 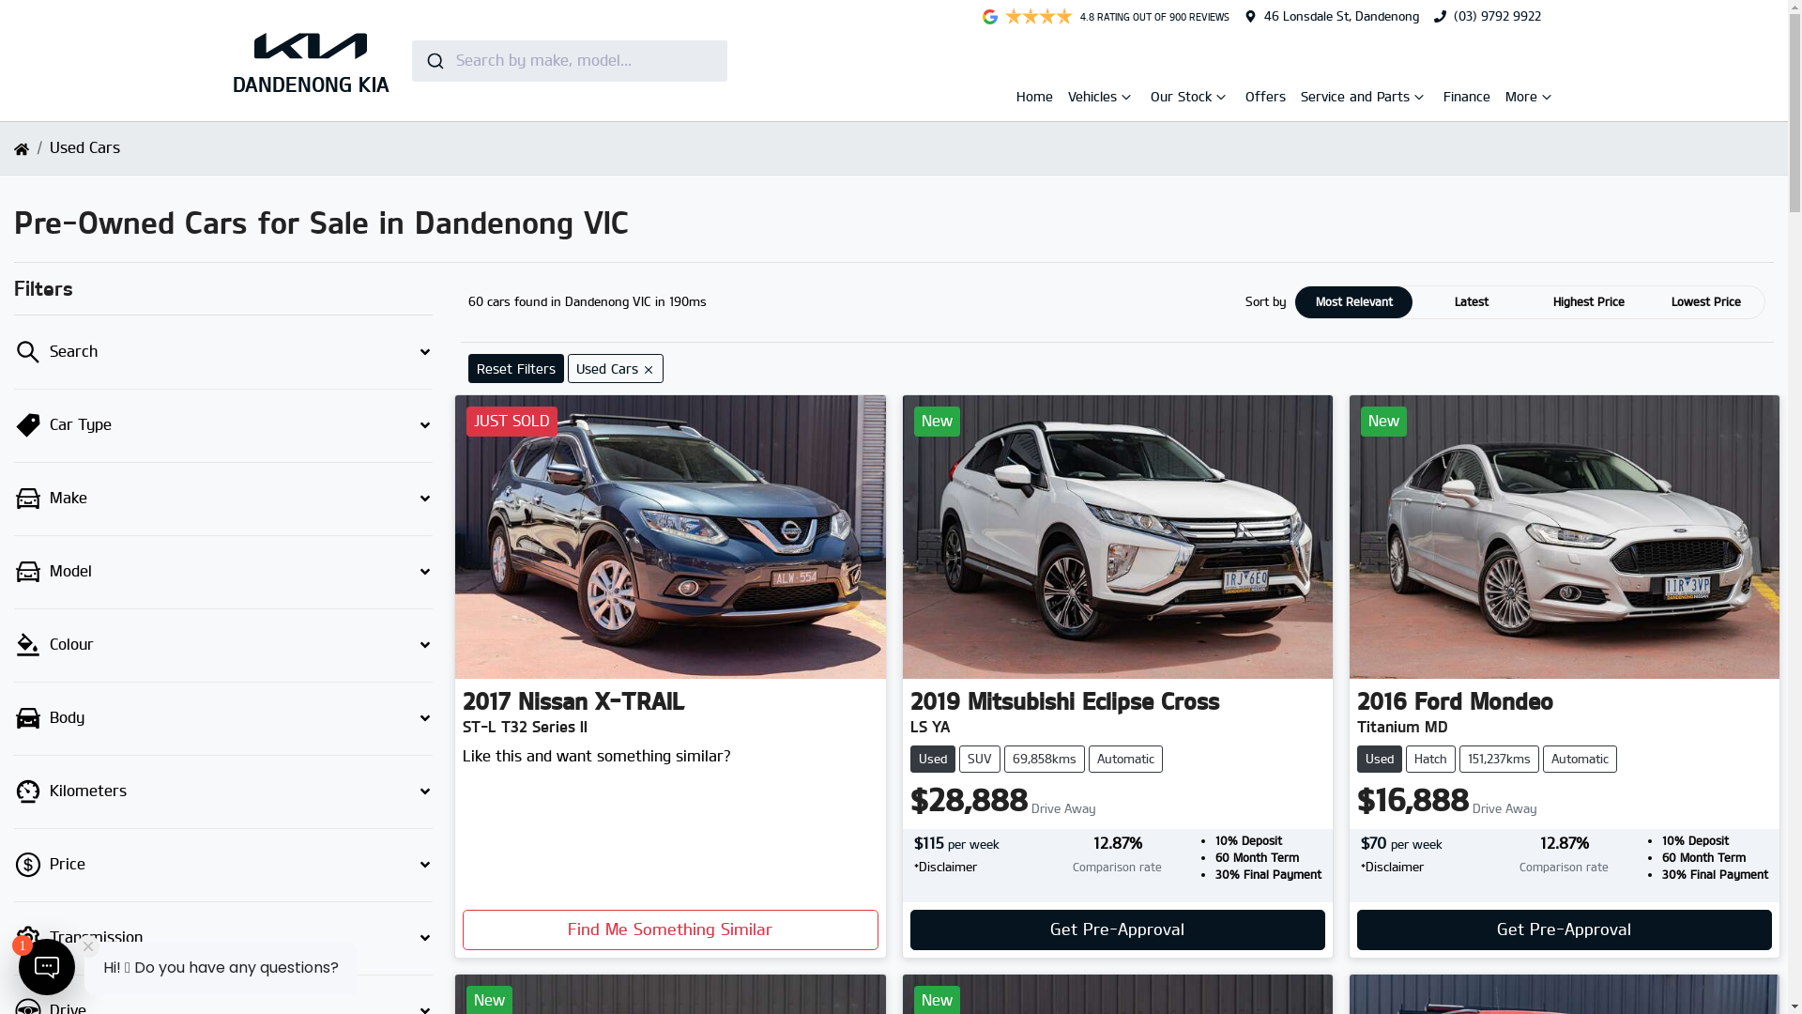 I want to click on 'Transmission', so click(x=223, y=938).